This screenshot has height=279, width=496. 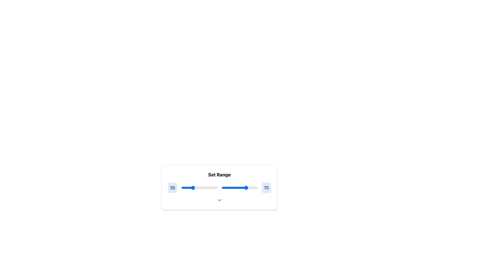 What do you see at coordinates (202, 188) in the screenshot?
I see `the slider value` at bounding box center [202, 188].